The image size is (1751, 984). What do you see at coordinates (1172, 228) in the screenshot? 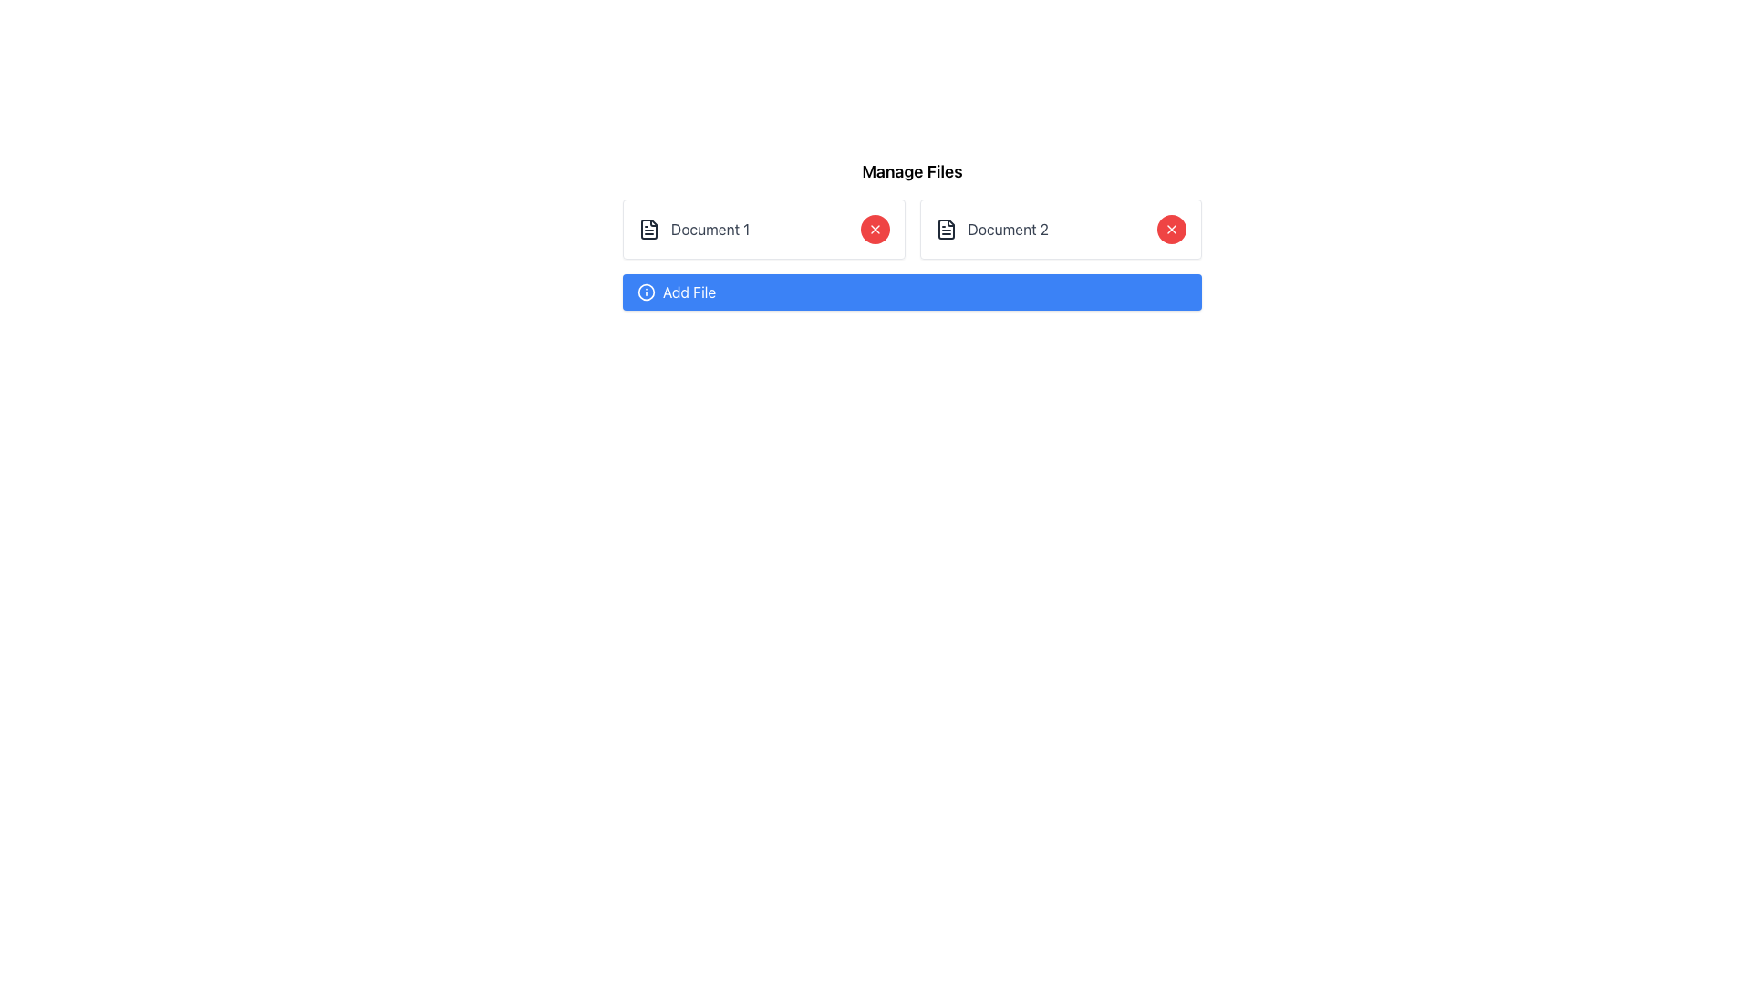
I see `the dismiss button for 'Document 2'` at bounding box center [1172, 228].